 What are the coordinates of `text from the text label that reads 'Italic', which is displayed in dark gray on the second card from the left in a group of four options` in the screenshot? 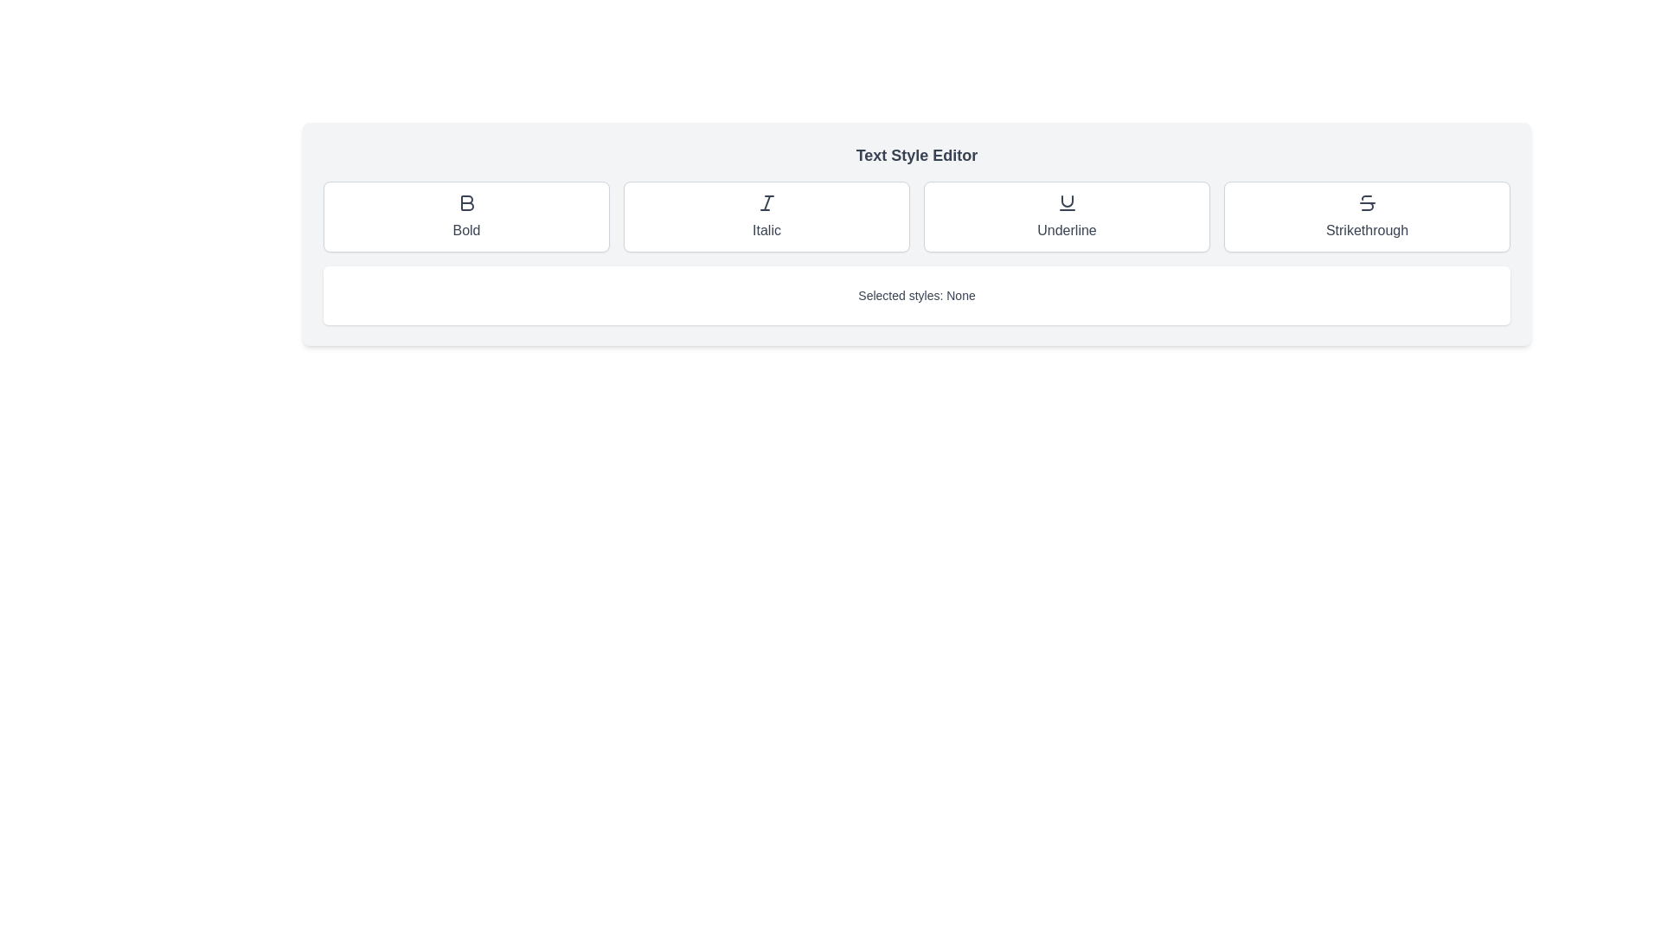 It's located at (766, 229).